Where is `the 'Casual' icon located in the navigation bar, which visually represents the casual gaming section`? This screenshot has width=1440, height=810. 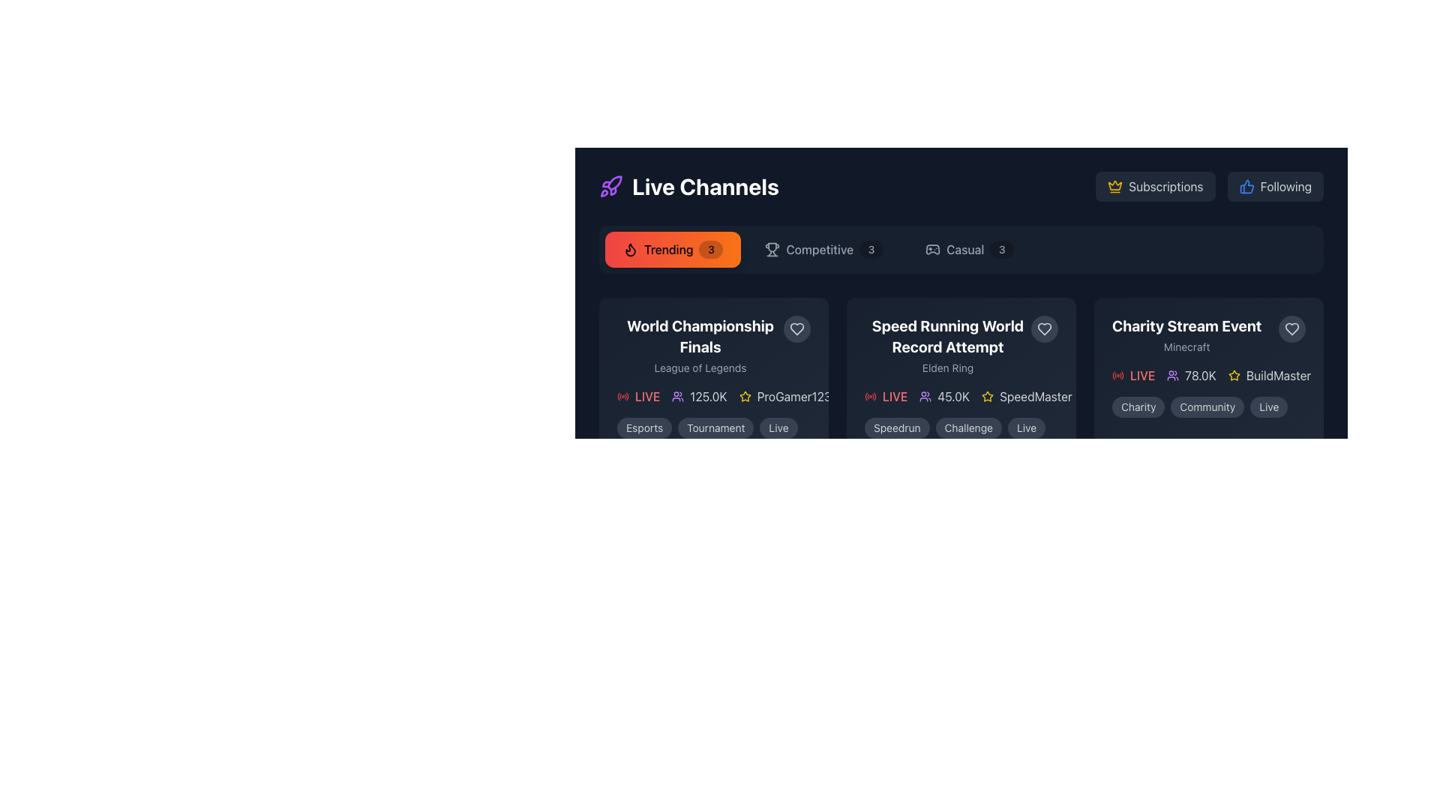 the 'Casual' icon located in the navigation bar, which visually represents the casual gaming section is located at coordinates (931, 248).